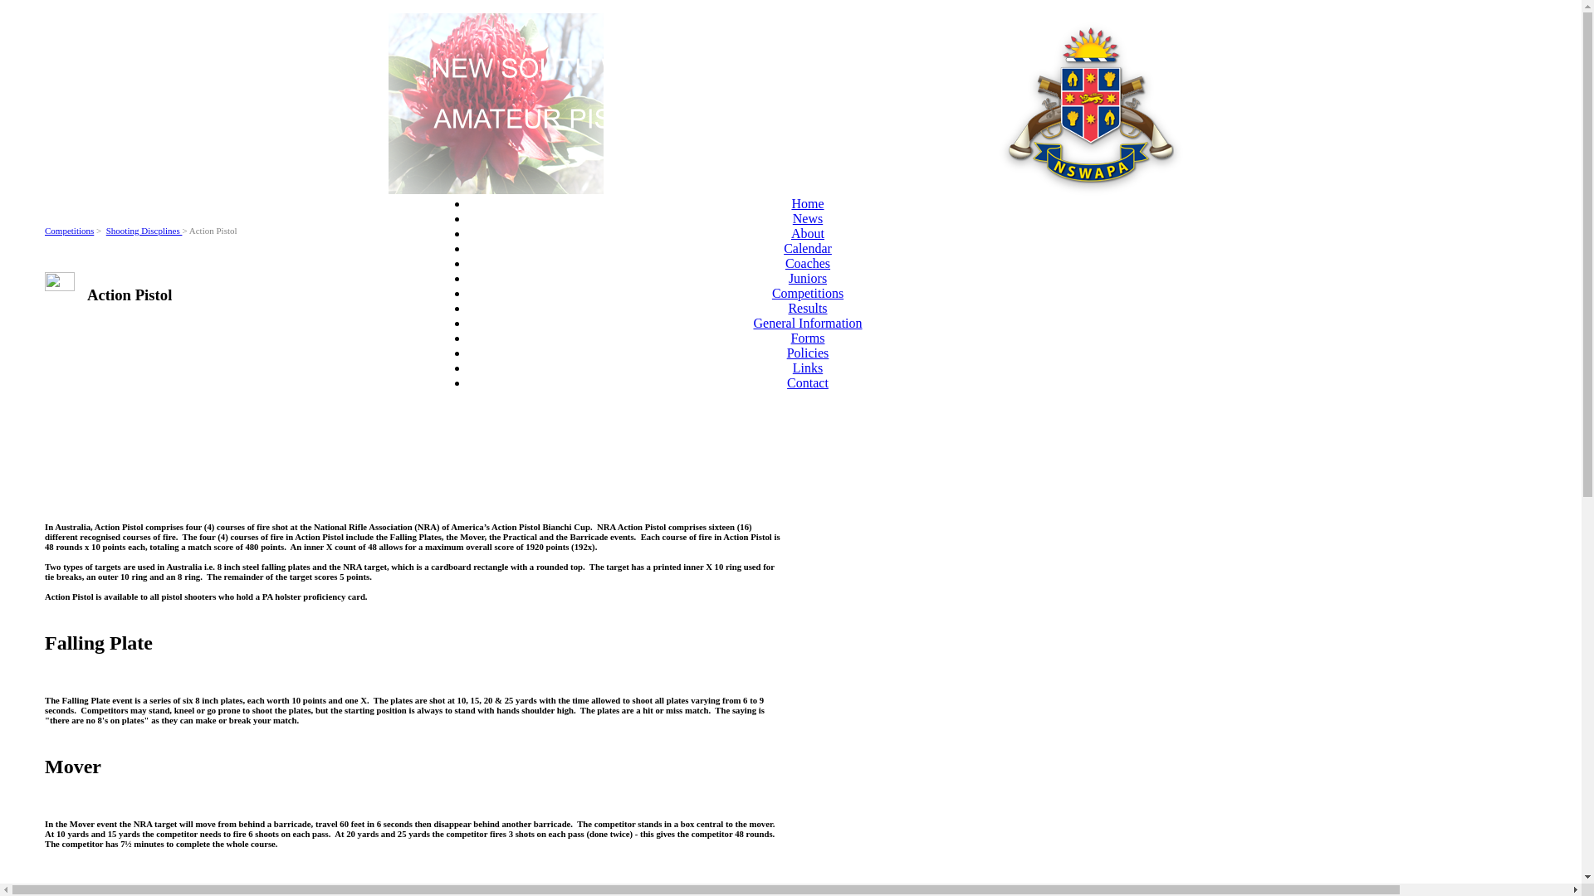 This screenshot has height=896, width=1594. Describe the element at coordinates (808, 262) in the screenshot. I see `'Coaches'` at that location.